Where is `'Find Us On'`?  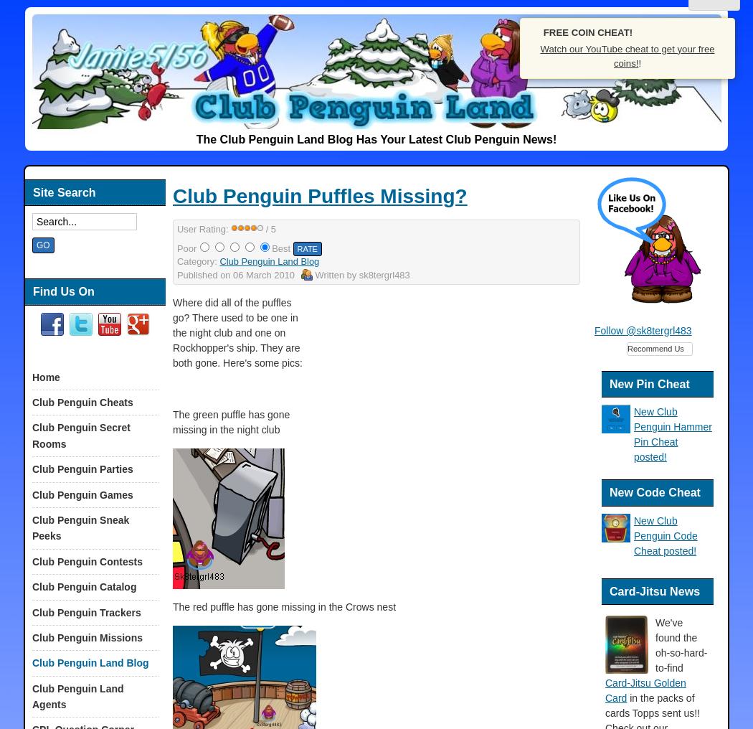 'Find Us On' is located at coordinates (63, 290).